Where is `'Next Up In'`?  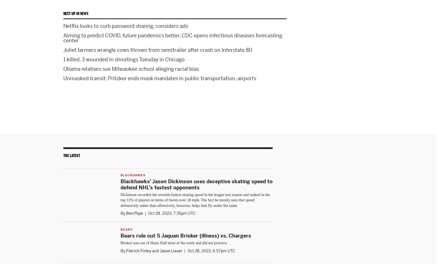 'Next Up In' is located at coordinates (71, 13).